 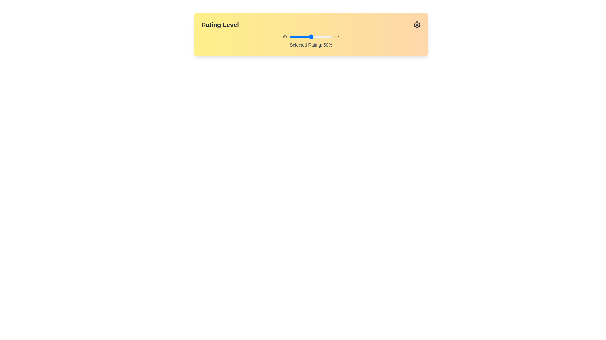 I want to click on the slider, so click(x=308, y=37).